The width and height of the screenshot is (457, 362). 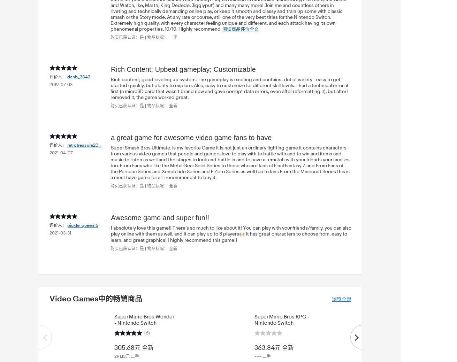 What do you see at coordinates (61, 152) in the screenshot?
I see `'2021-04-07'` at bounding box center [61, 152].